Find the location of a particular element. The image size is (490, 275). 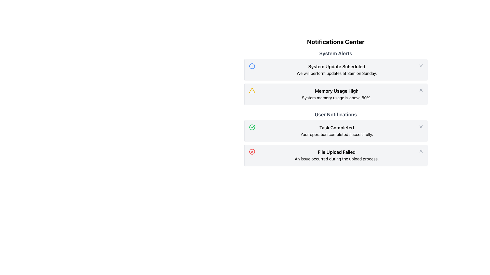

notification message 'Your operation completed successfully.' displayed under the bold header 'Task Completed' in the User Notifications section is located at coordinates (337, 134).